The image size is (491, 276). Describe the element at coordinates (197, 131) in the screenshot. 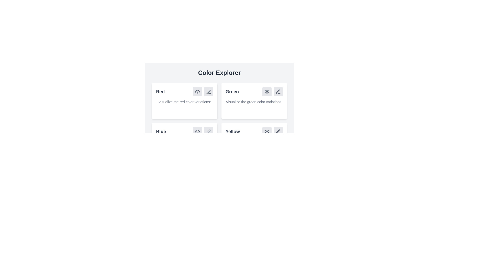

I see `the eye-shaped icon in the 'Color Explorer' interface` at that location.